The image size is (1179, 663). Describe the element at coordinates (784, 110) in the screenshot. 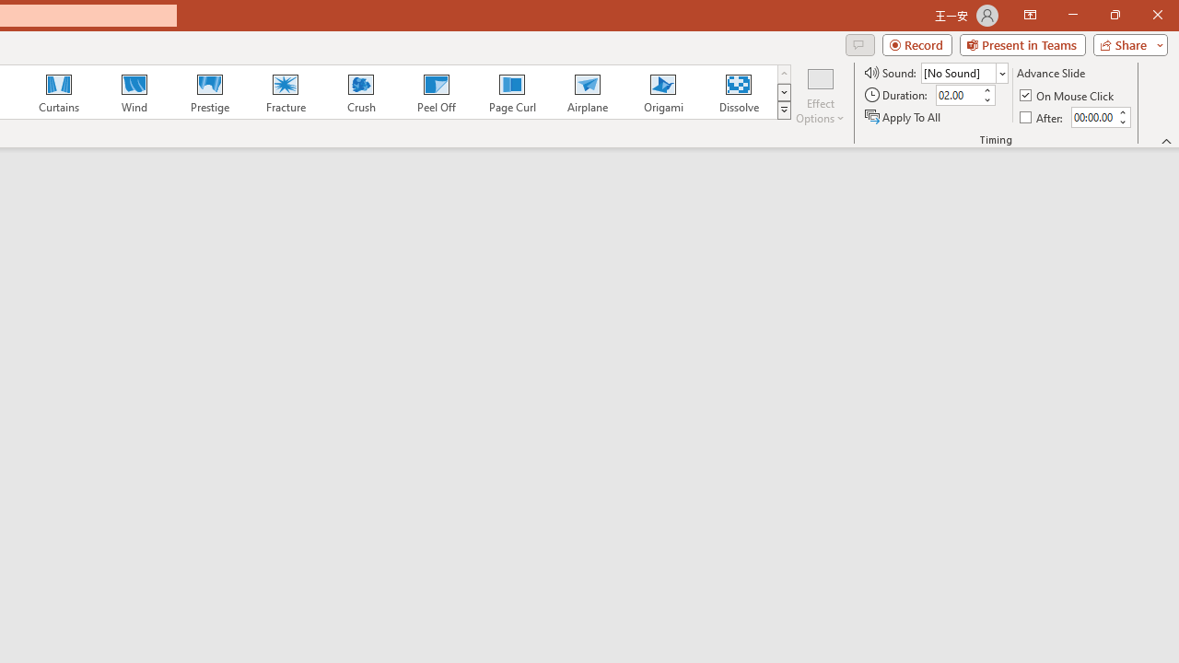

I see `'Transition Effects'` at that location.